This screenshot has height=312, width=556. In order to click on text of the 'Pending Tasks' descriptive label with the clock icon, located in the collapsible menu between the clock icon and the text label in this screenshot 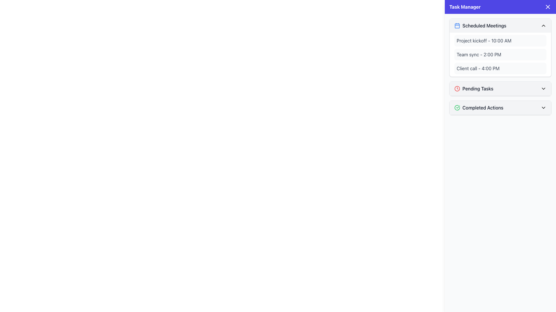, I will do `click(474, 89)`.